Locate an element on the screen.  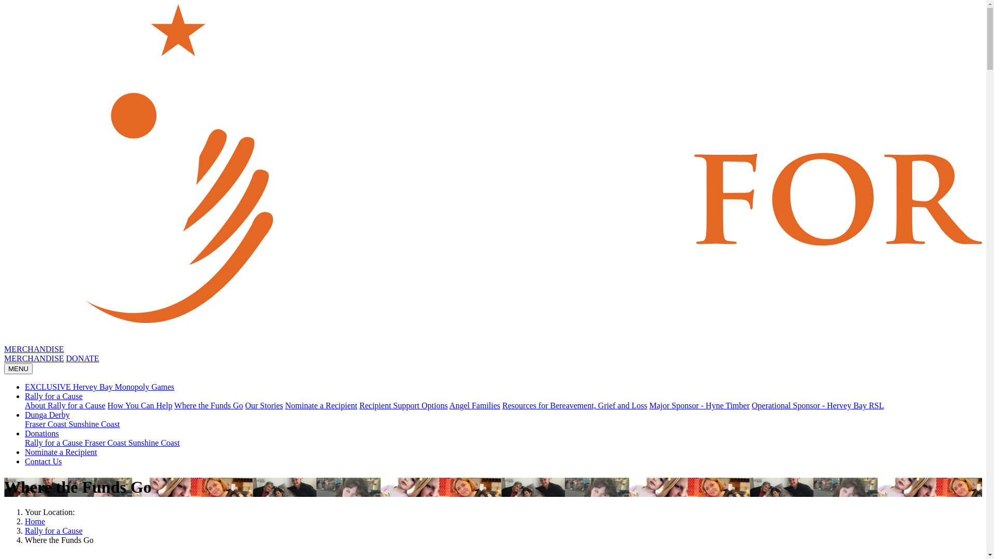
'Where the Funds Go' is located at coordinates (208, 405).